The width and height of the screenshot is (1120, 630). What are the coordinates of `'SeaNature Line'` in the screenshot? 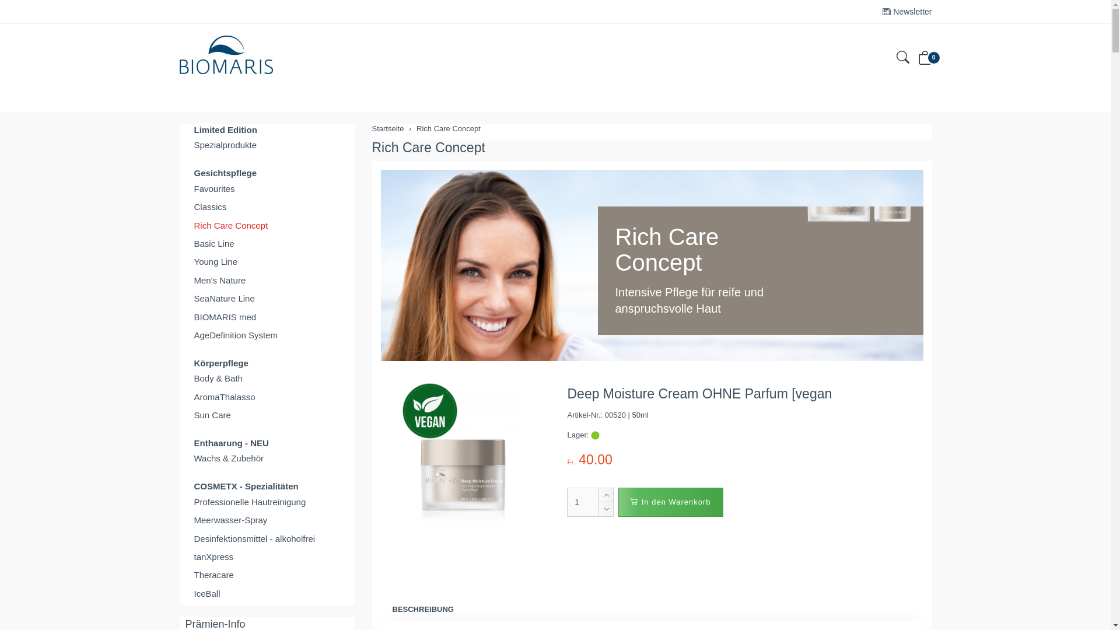 It's located at (266, 297).